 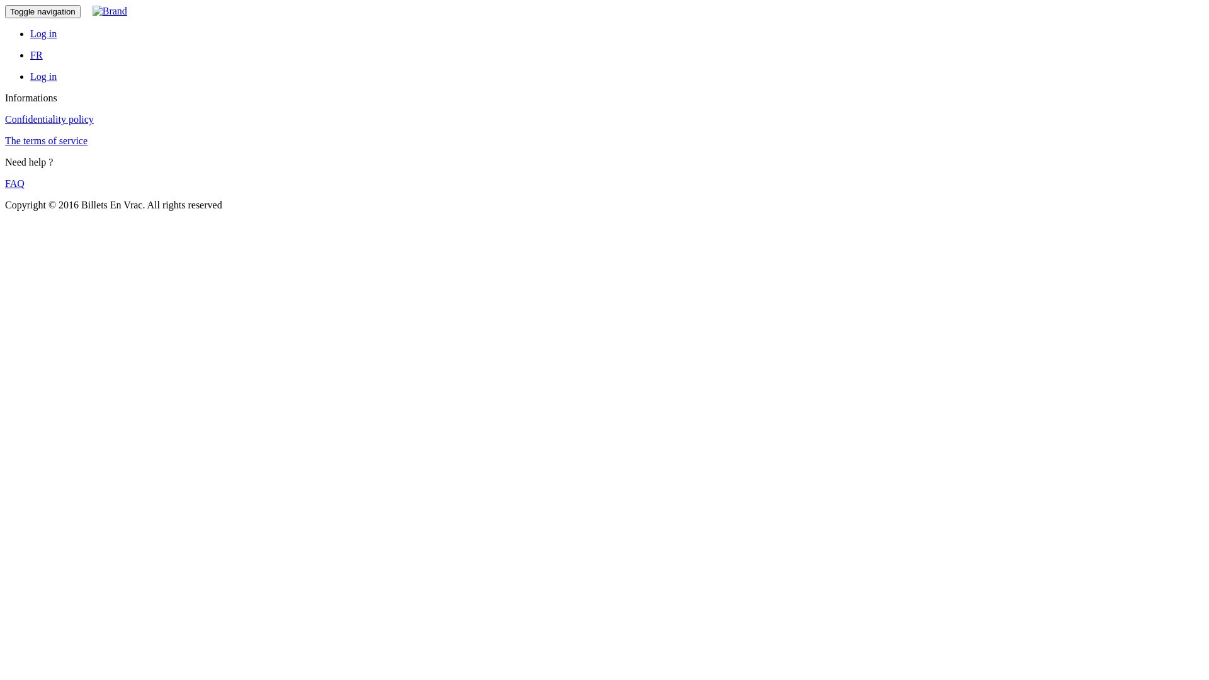 I want to click on 'Confidentiality policy', so click(x=49, y=119).